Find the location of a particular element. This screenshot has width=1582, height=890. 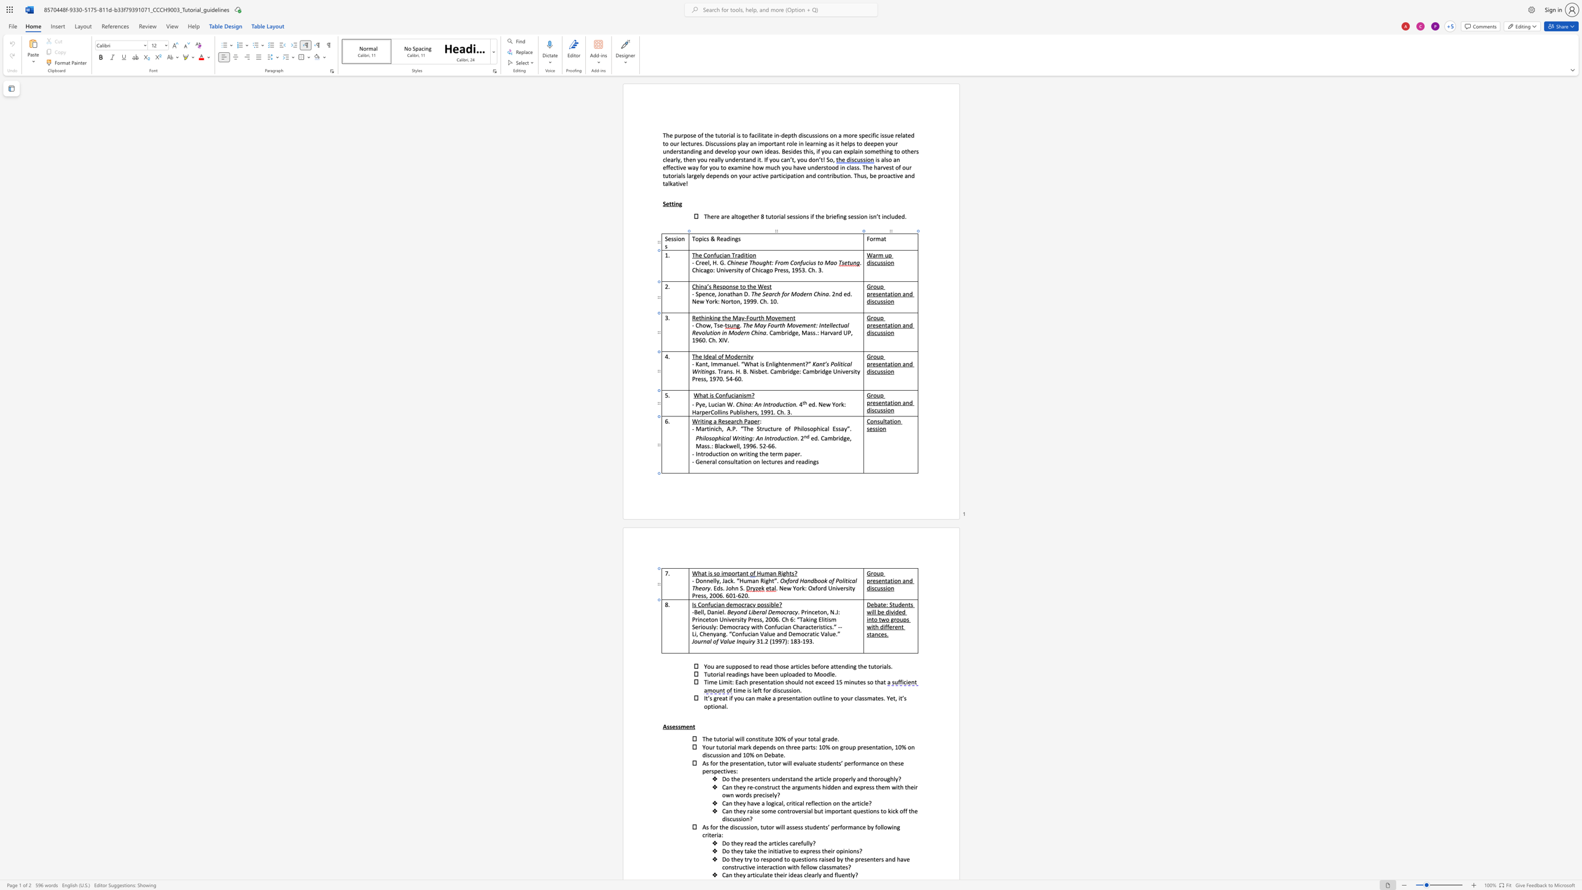

the space between the continuous character "i" and "t" in the text is located at coordinates (849, 587).